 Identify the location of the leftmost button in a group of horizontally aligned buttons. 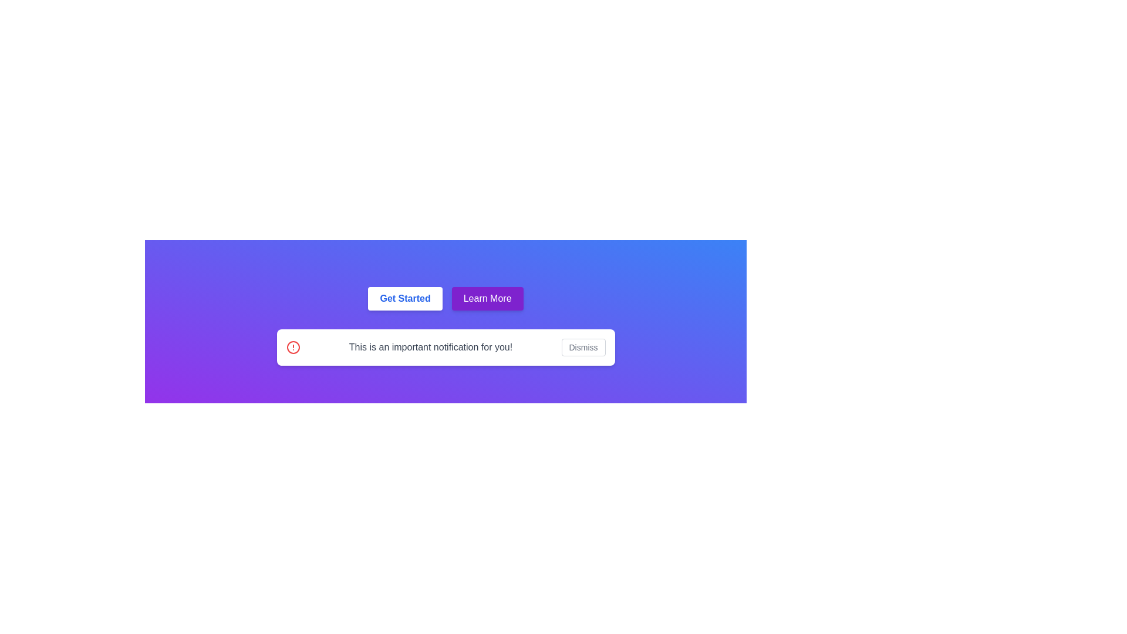
(405, 298).